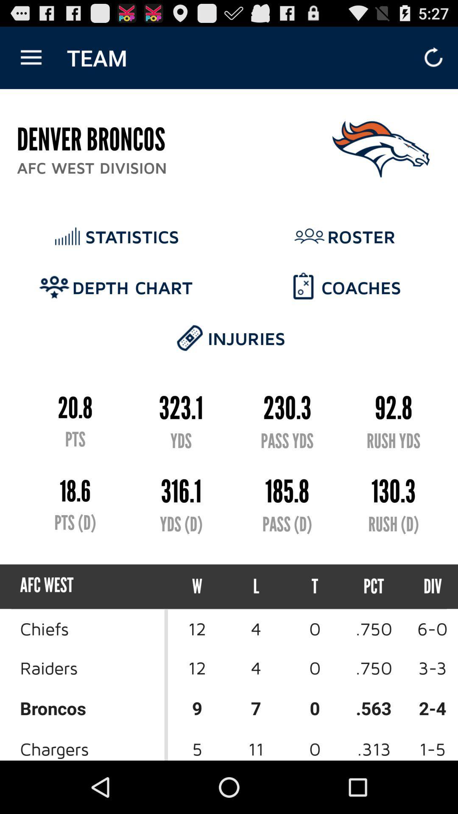 The width and height of the screenshot is (458, 814). What do you see at coordinates (31, 57) in the screenshot?
I see `the item above the denver broncos item` at bounding box center [31, 57].